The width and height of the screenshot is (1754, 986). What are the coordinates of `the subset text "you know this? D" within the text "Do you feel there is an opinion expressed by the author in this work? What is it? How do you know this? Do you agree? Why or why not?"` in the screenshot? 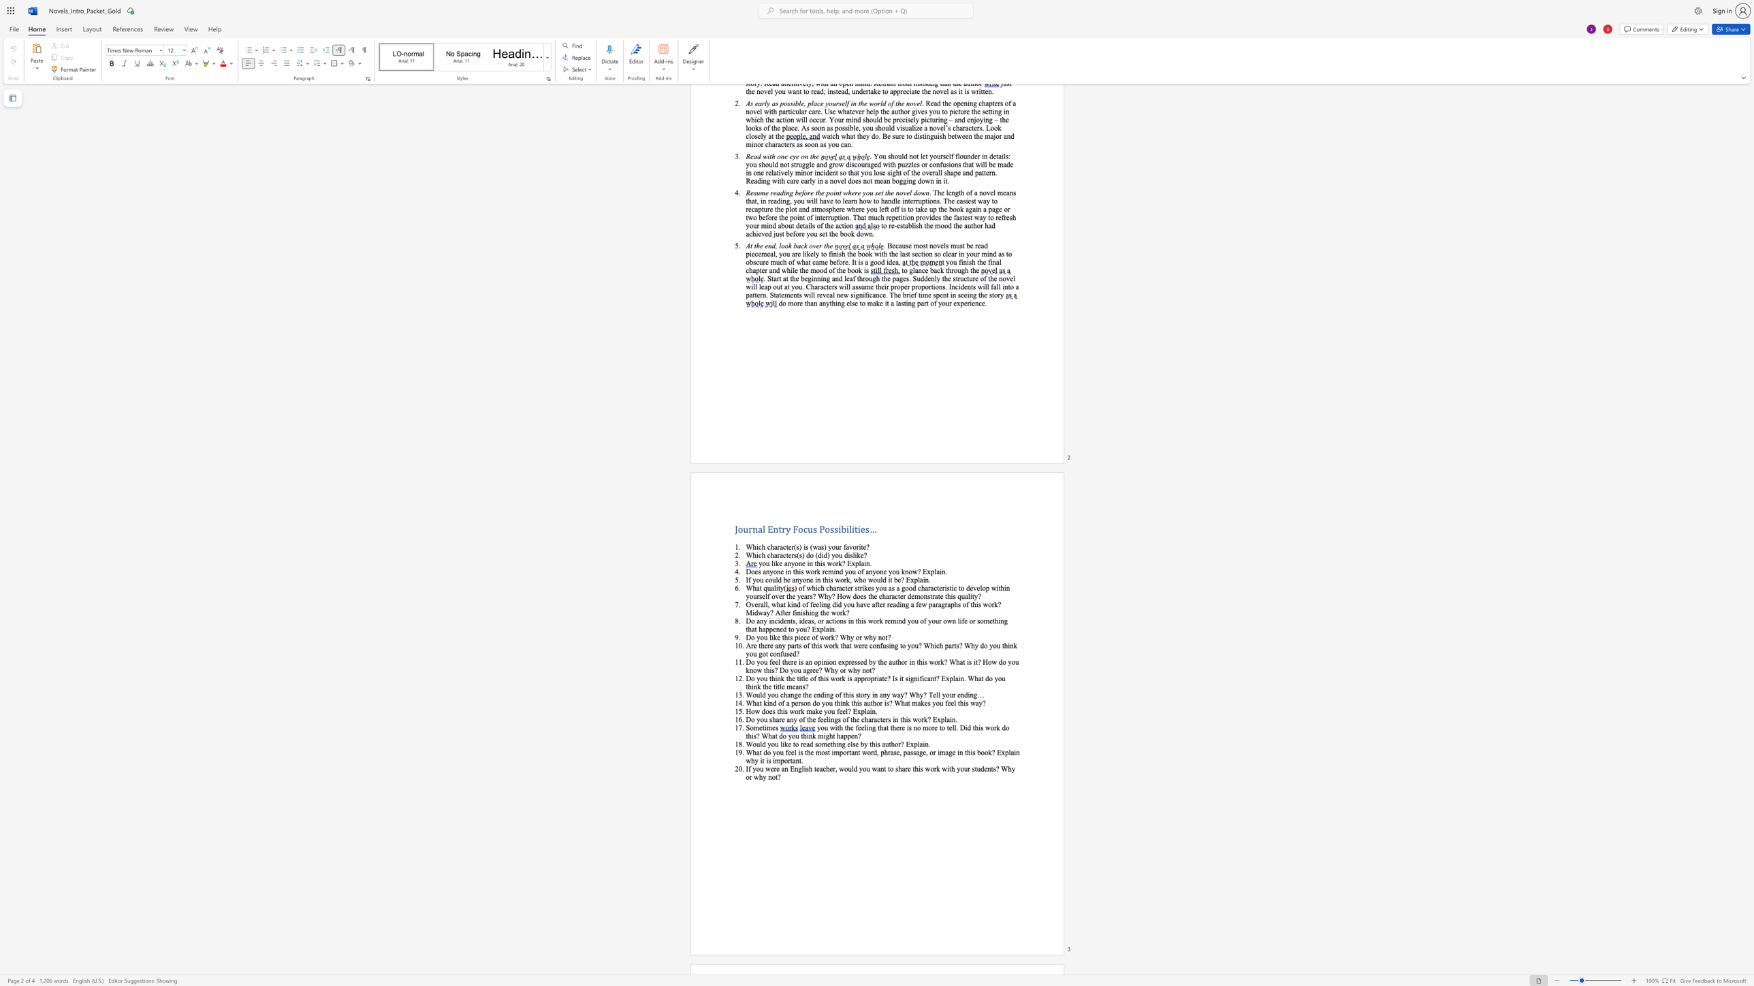 It's located at (1007, 661).